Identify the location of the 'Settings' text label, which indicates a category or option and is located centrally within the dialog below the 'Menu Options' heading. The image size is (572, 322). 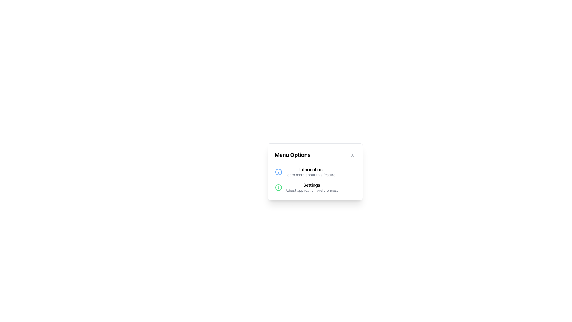
(311, 185).